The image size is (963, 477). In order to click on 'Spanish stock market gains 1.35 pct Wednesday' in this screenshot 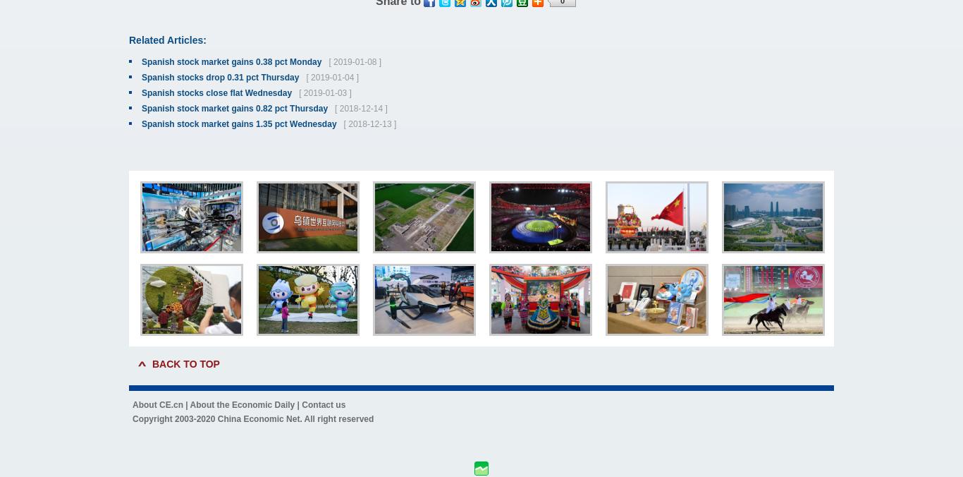, I will do `click(140, 123)`.